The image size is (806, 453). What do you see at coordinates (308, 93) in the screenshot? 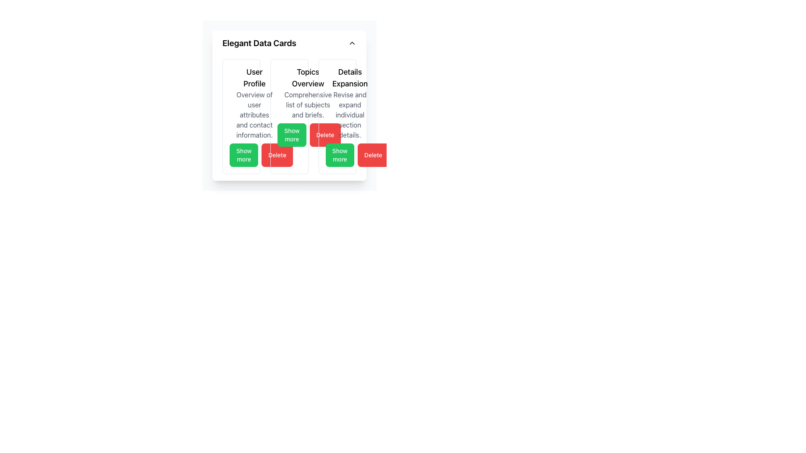
I see `the 'Topics Overview' text component` at bounding box center [308, 93].